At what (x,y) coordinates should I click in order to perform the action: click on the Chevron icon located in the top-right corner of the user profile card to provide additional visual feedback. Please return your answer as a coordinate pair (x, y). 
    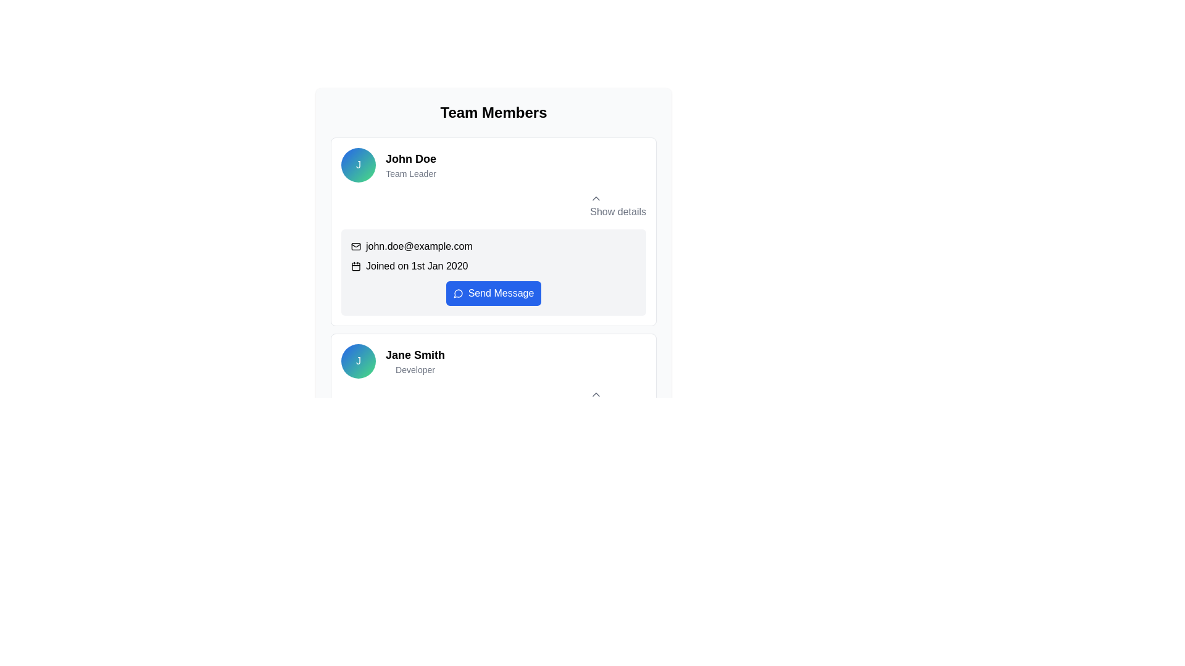
    Looking at the image, I should click on (596, 395).